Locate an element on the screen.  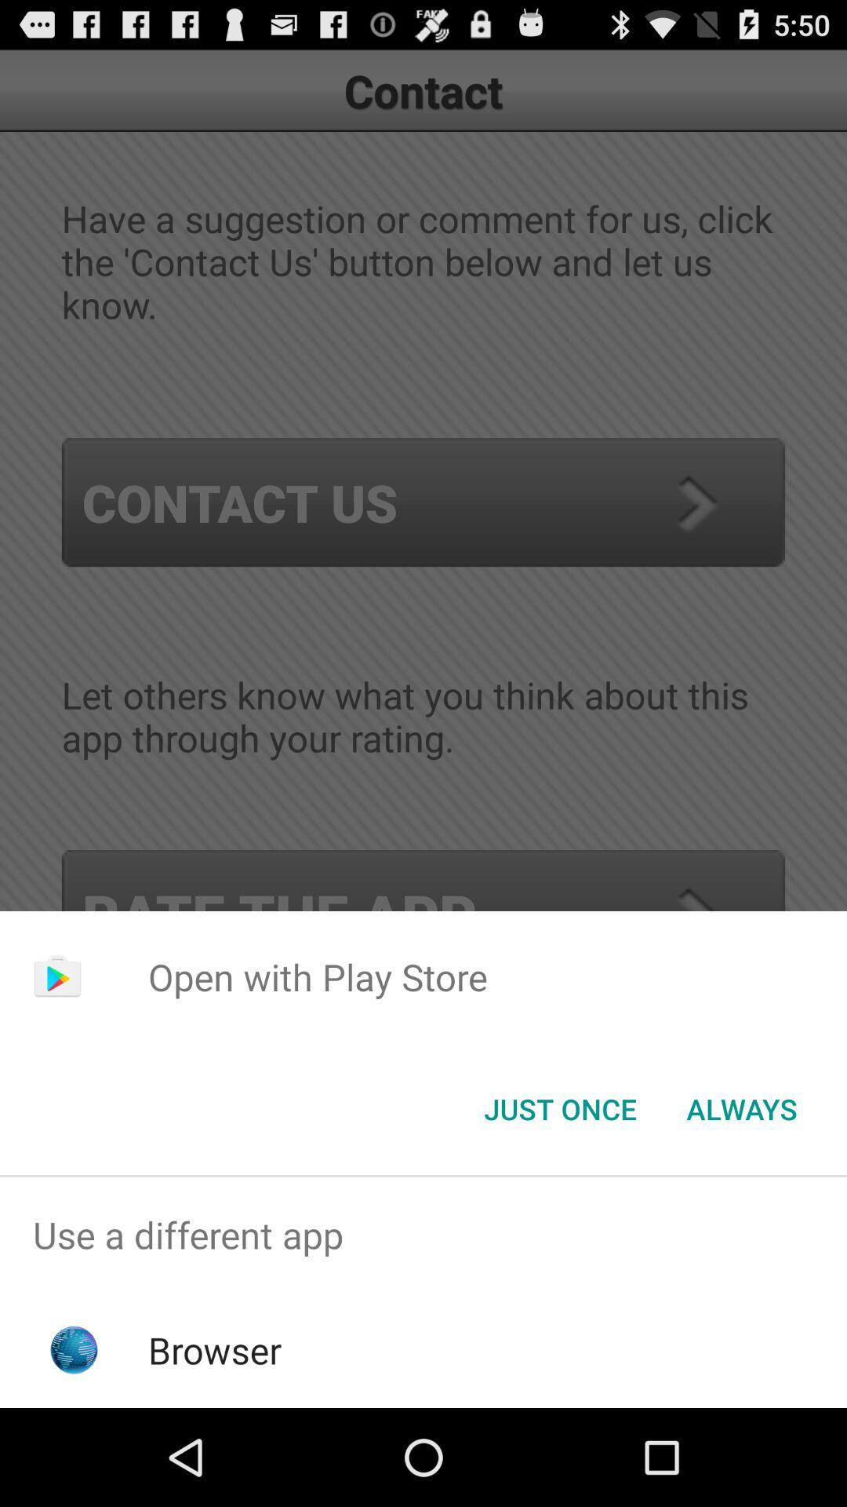
item above the browser app is located at coordinates (423, 1234).